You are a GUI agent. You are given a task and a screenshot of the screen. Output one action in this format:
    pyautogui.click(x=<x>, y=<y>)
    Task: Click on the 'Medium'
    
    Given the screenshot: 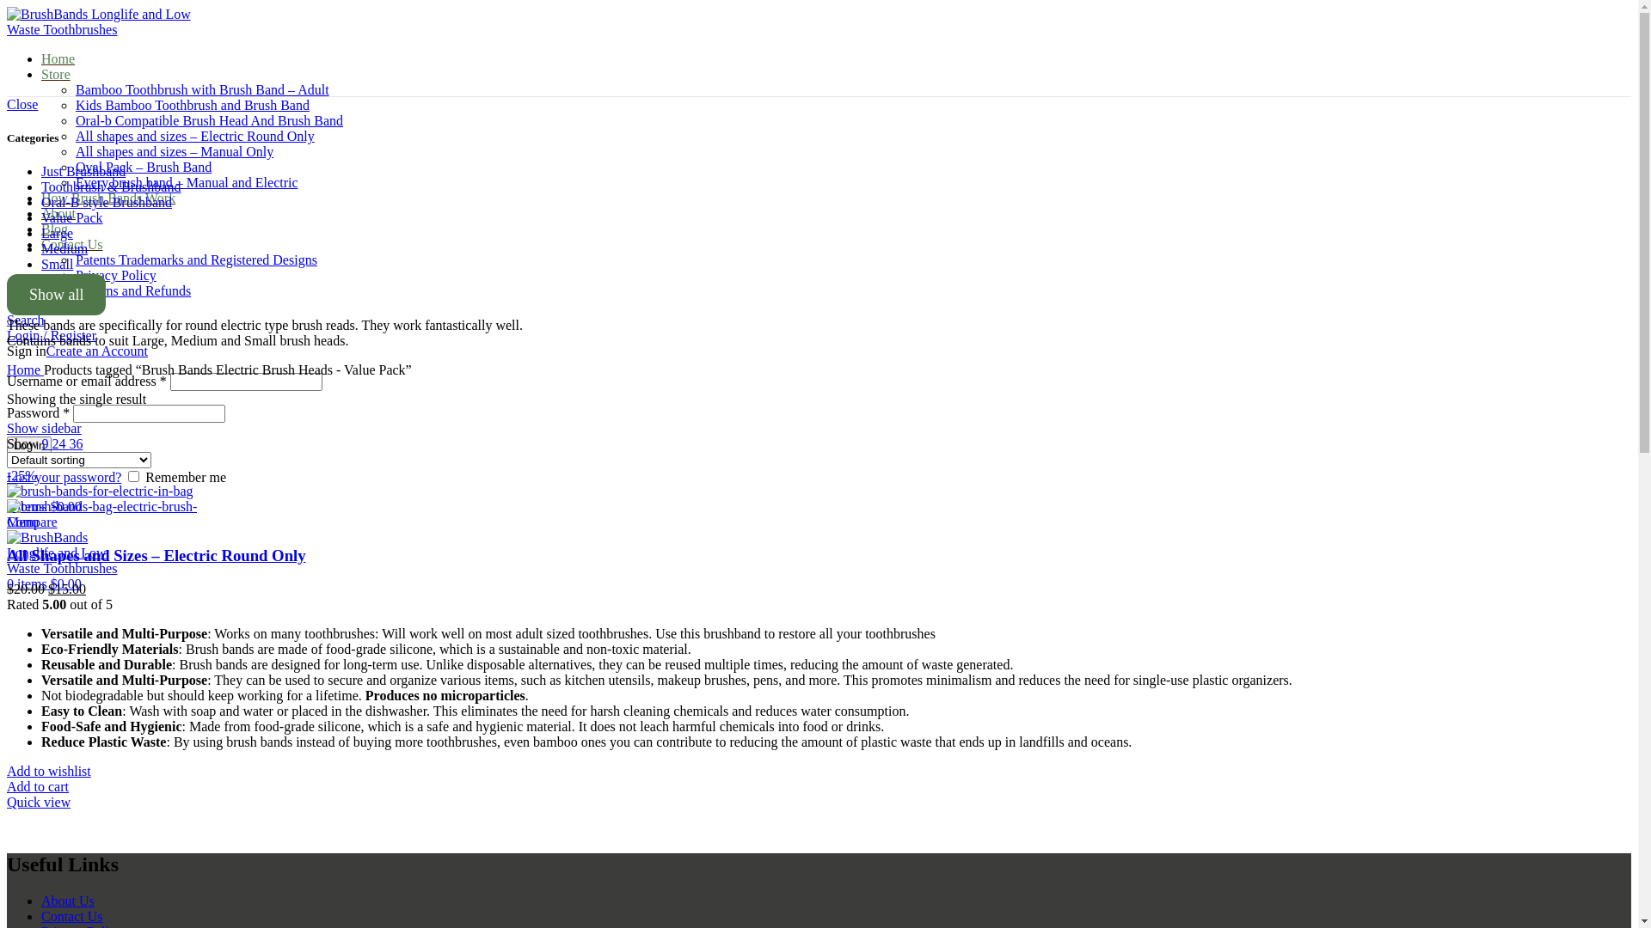 What is the action you would take?
    pyautogui.click(x=64, y=248)
    